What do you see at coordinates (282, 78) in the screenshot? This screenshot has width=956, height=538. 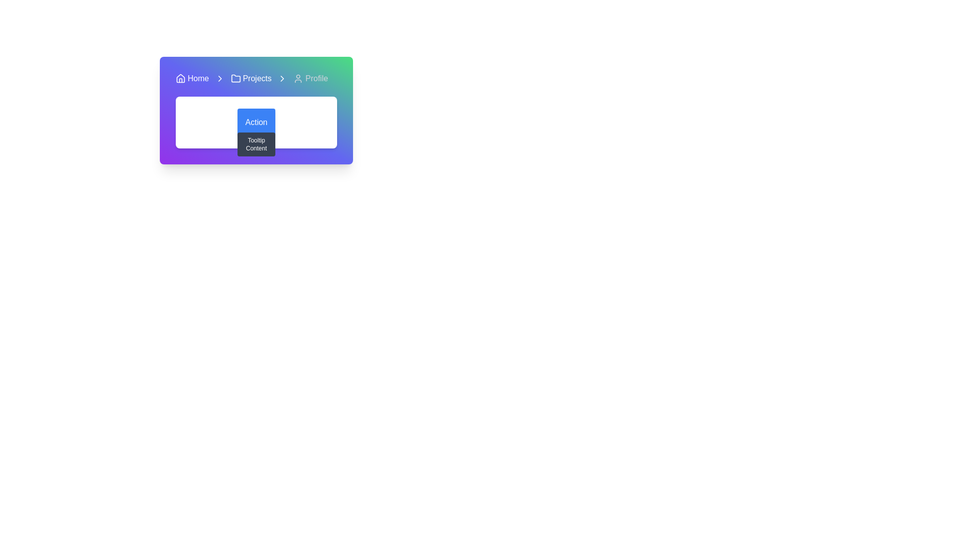 I see `the rightward chevron icon styled in white, located under the navigation bar, positioned to the right of the 'Projects' text and before the 'Profile' entry` at bounding box center [282, 78].